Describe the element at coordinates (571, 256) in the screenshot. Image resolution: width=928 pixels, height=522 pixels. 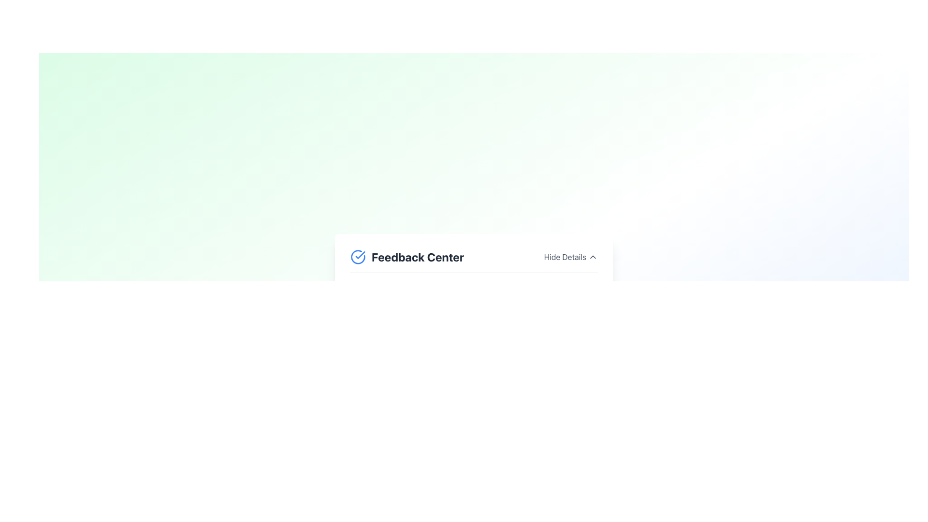
I see `the 'Hide Details' button` at that location.